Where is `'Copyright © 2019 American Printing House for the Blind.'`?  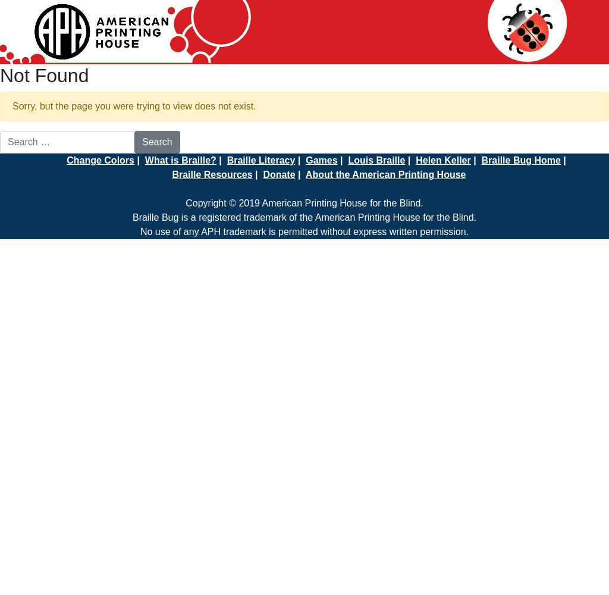 'Copyright © 2019 American Printing House for the Blind.' is located at coordinates (185, 202).